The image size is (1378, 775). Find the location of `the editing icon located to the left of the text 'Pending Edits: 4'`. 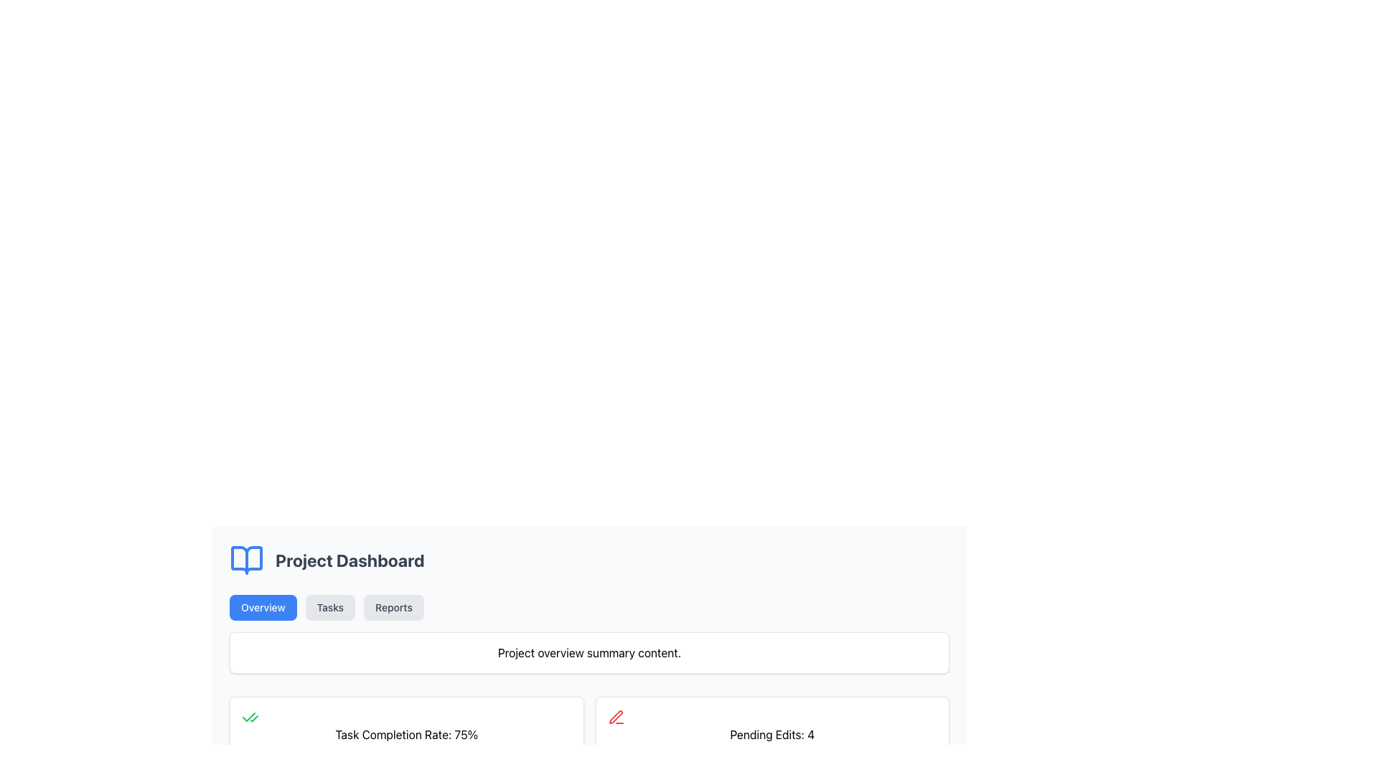

the editing icon located to the left of the text 'Pending Edits: 4' is located at coordinates (616, 717).